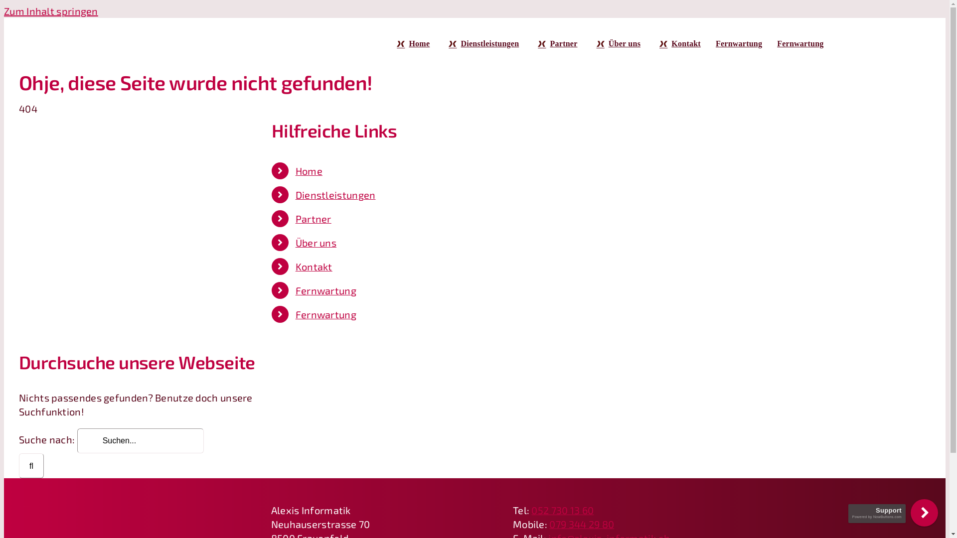 The image size is (957, 538). What do you see at coordinates (325, 314) in the screenshot?
I see `'Fernwartung'` at bounding box center [325, 314].